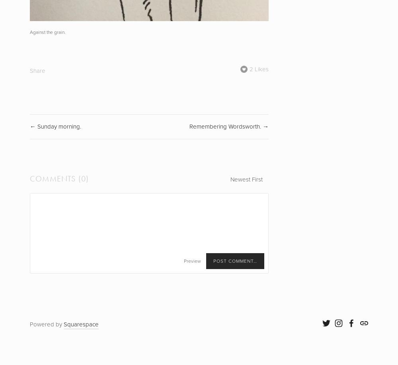 The image size is (398, 365). Describe the element at coordinates (192, 261) in the screenshot. I see `'Preview'` at that location.